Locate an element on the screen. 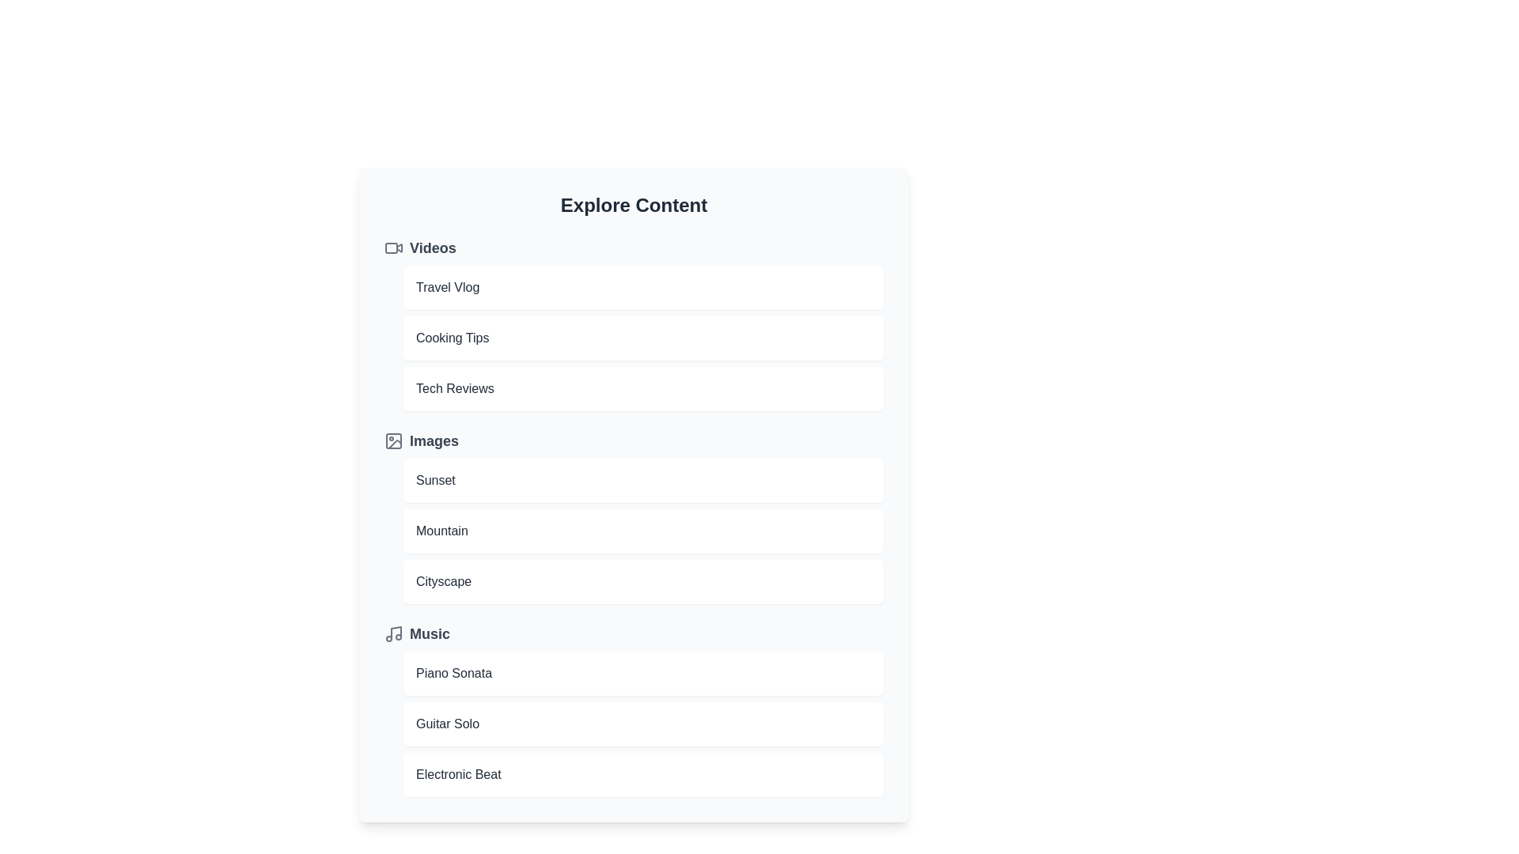 The image size is (1519, 854). the item Mountain to preview it is located at coordinates (643, 531).